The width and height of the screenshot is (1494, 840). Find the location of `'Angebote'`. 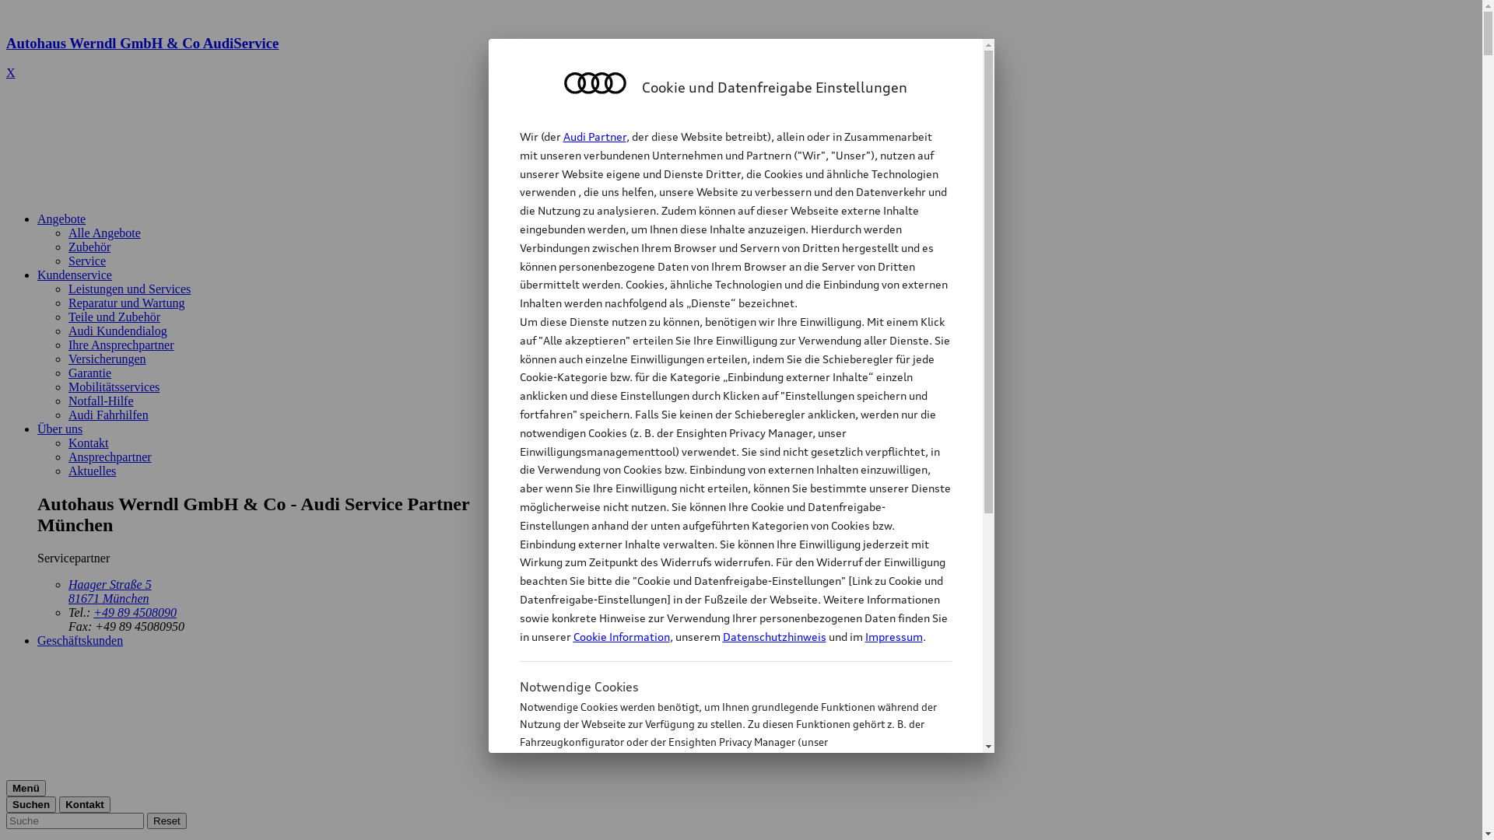

'Angebote' is located at coordinates (61, 219).